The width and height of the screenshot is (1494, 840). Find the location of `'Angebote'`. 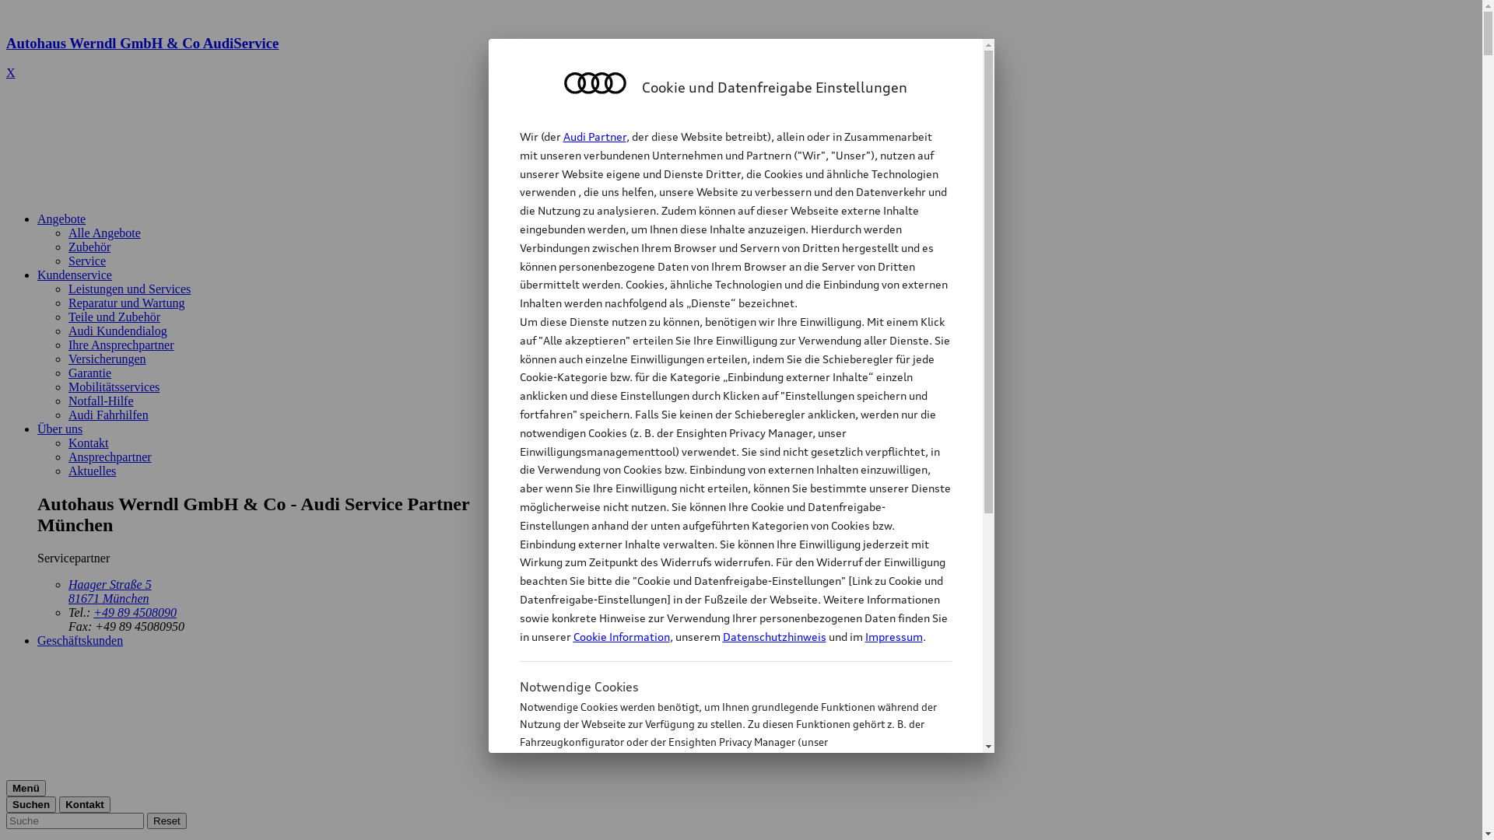

'Angebote' is located at coordinates (61, 219).